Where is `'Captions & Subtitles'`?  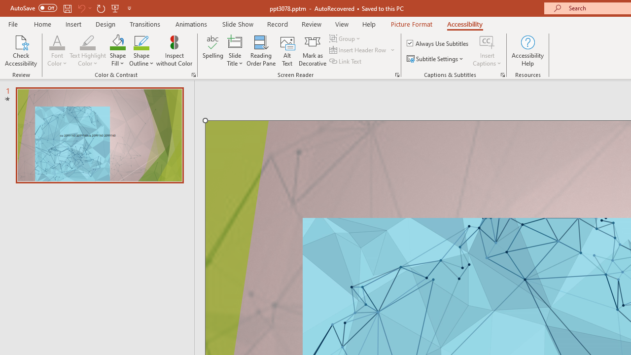 'Captions & Subtitles' is located at coordinates (503, 74).